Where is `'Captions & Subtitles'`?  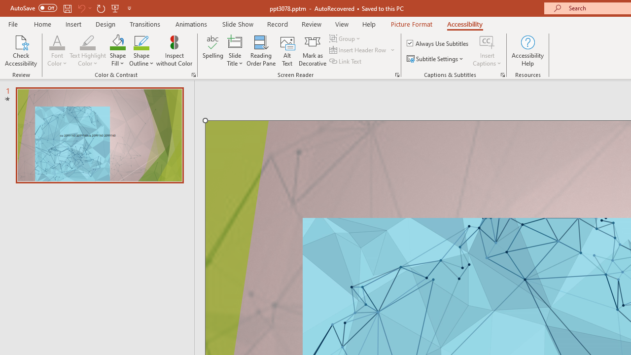 'Captions & Subtitles' is located at coordinates (503, 74).